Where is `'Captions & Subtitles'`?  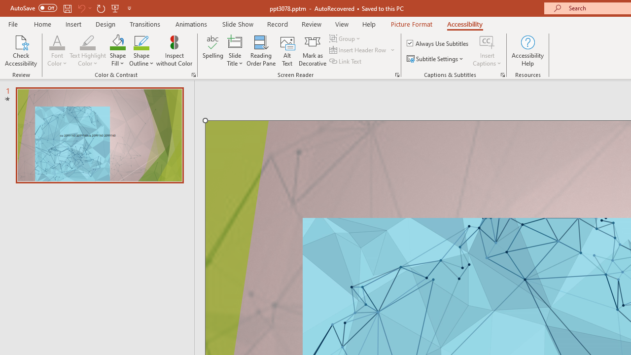 'Captions & Subtitles' is located at coordinates (503, 74).